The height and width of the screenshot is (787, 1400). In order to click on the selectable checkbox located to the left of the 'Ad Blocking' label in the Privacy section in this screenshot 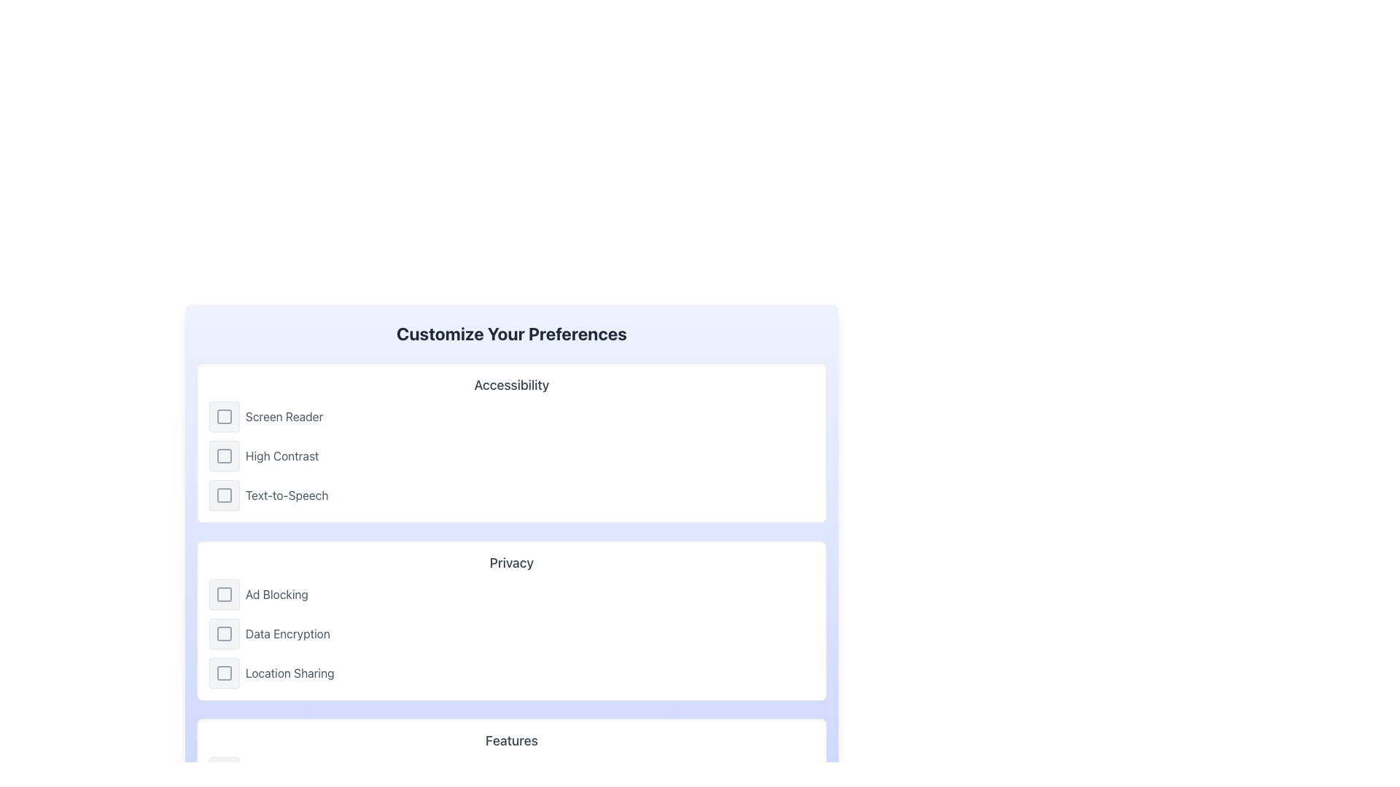, I will do `click(223, 595)`.